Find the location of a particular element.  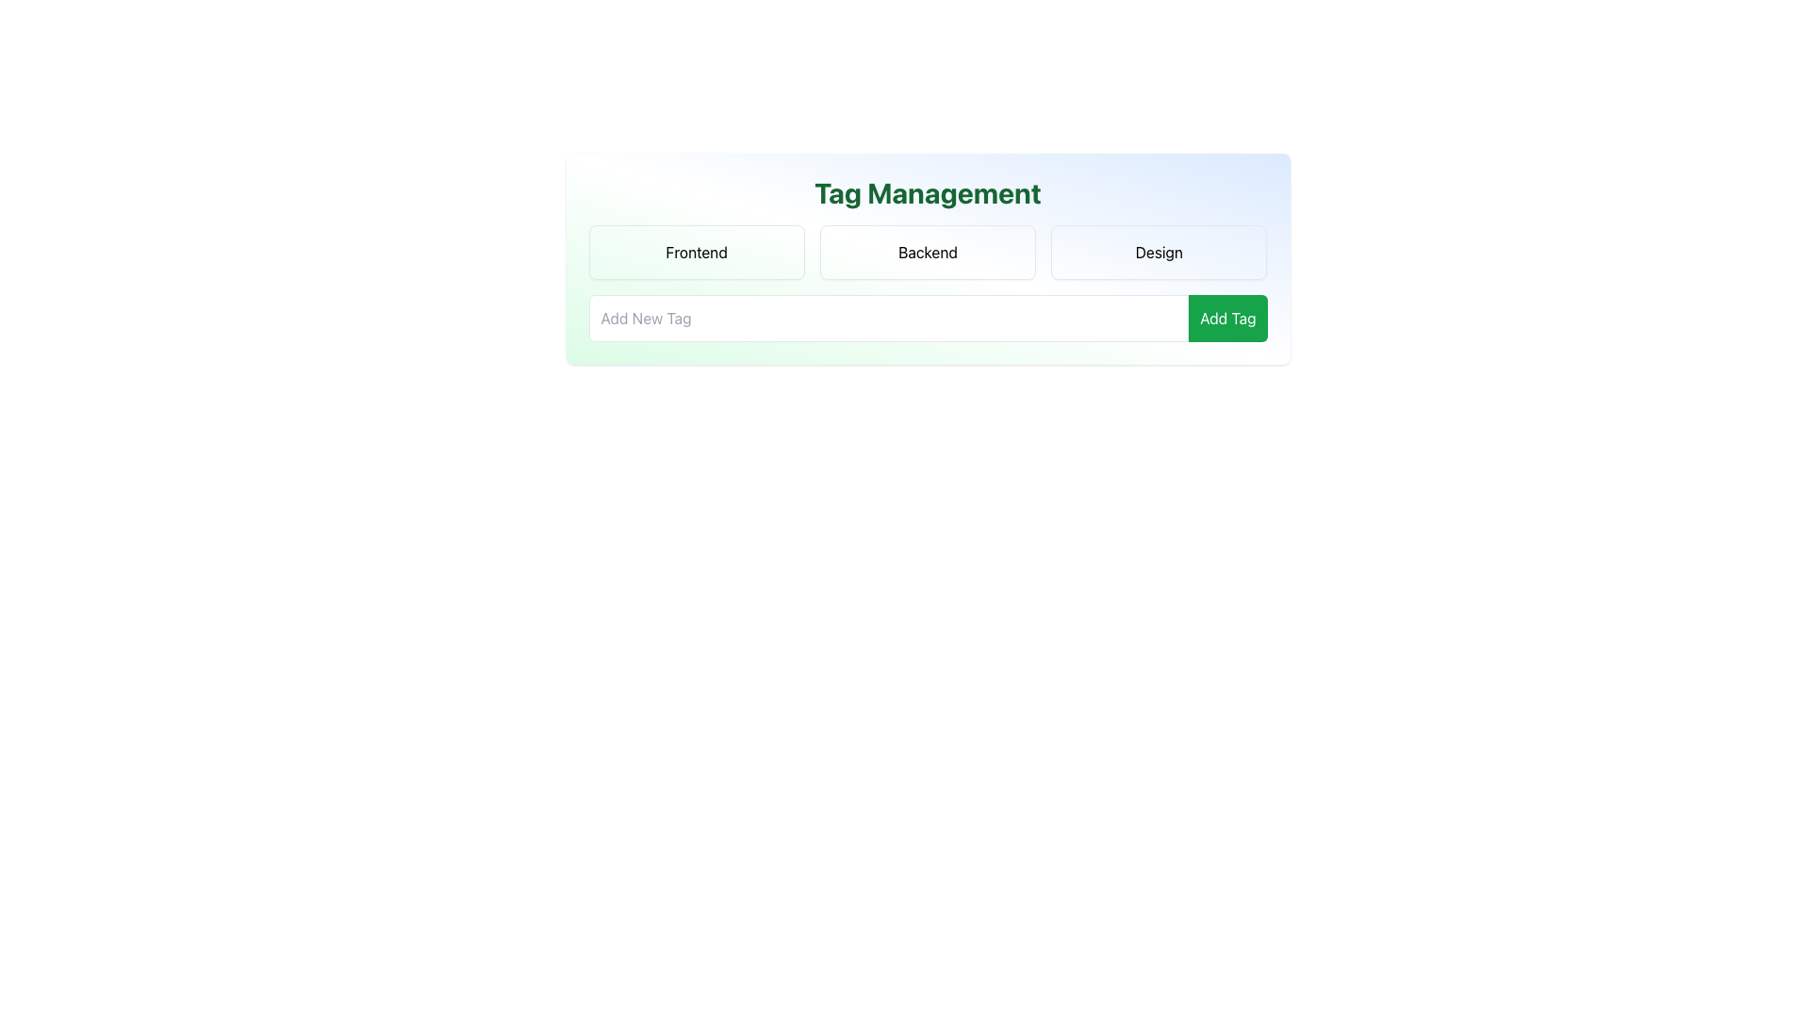

the 'Backend' button, which is a rectangular interactive component with rounded corners positioned beneath 'Tag Management' is located at coordinates (928, 258).